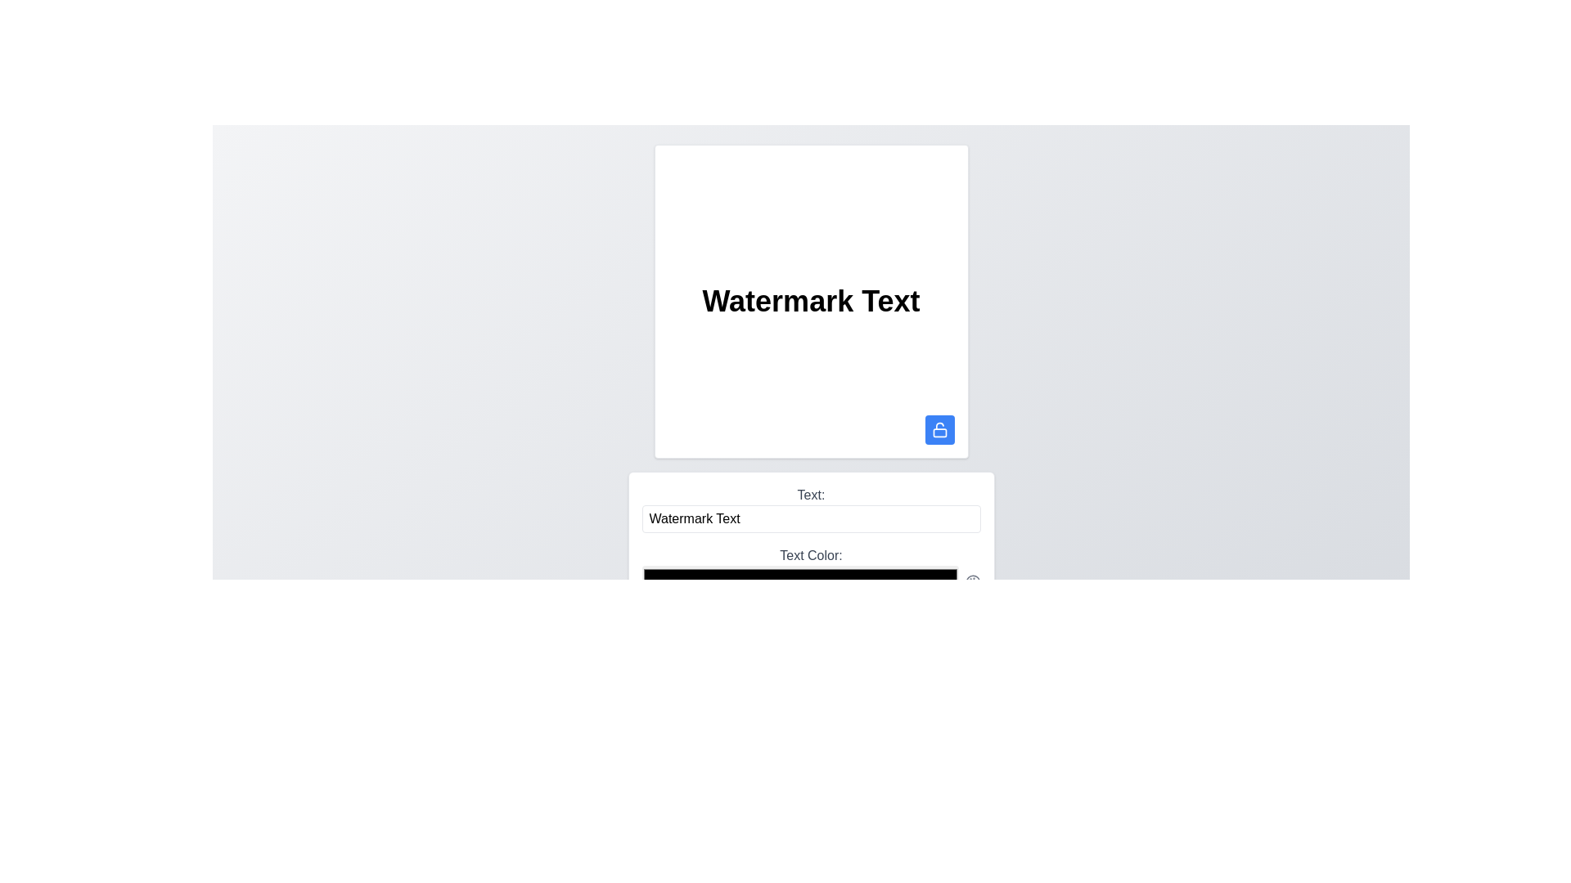 This screenshot has width=1571, height=883. What do you see at coordinates (973, 581) in the screenshot?
I see `the color options icon located to the right of the text color selection box` at bounding box center [973, 581].